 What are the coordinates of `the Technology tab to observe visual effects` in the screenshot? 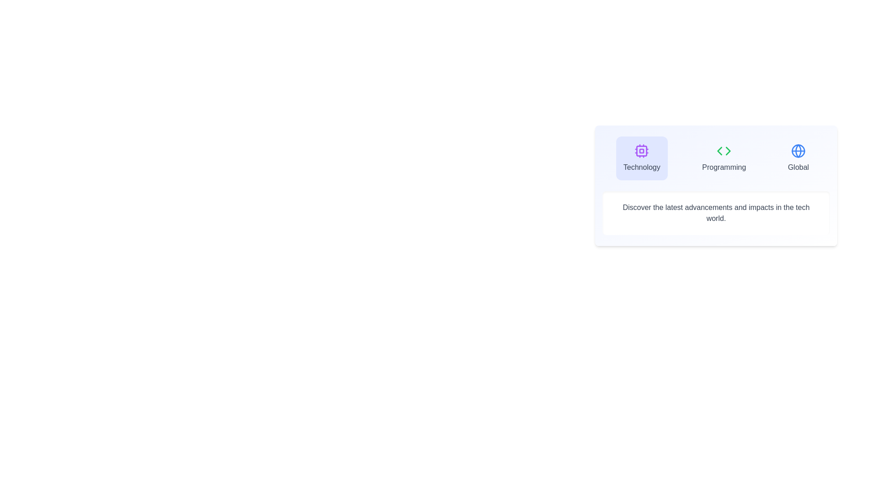 It's located at (641, 158).